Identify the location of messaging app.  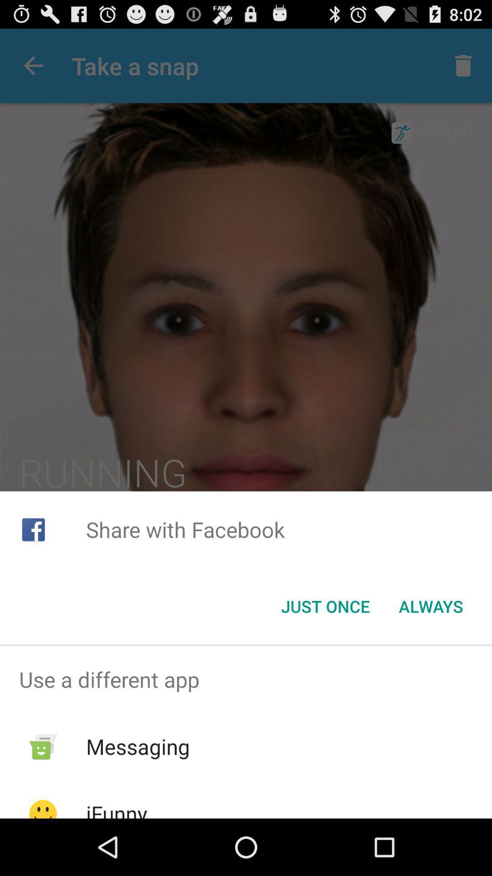
(138, 746).